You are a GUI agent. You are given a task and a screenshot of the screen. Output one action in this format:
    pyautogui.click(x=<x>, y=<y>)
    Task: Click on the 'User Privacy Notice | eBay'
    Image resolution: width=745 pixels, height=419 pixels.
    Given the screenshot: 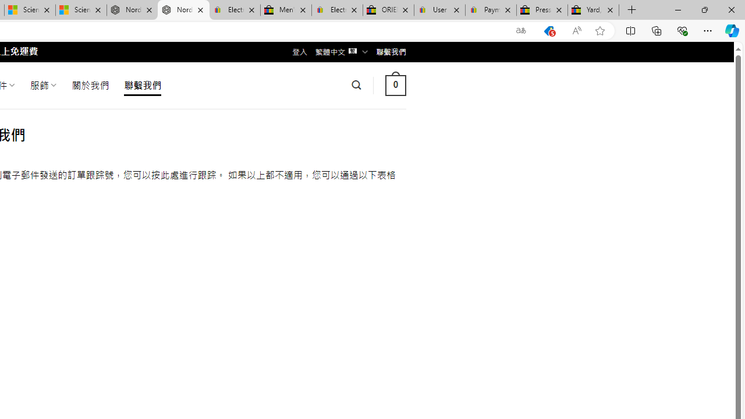 What is the action you would take?
    pyautogui.click(x=439, y=10)
    